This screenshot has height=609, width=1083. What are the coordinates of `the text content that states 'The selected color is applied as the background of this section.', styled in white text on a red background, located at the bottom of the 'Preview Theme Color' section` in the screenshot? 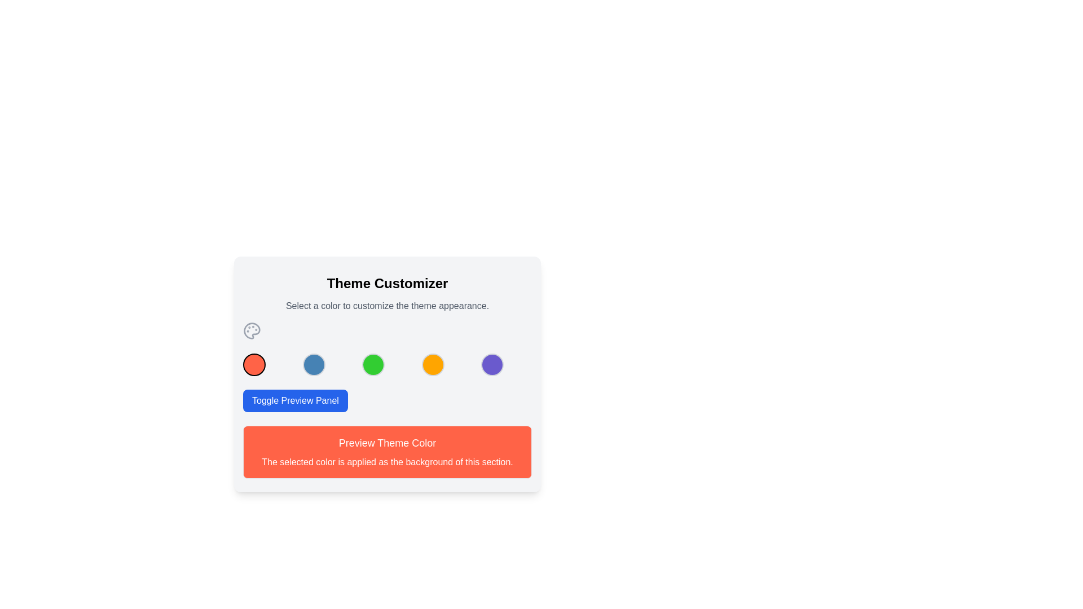 It's located at (387, 462).